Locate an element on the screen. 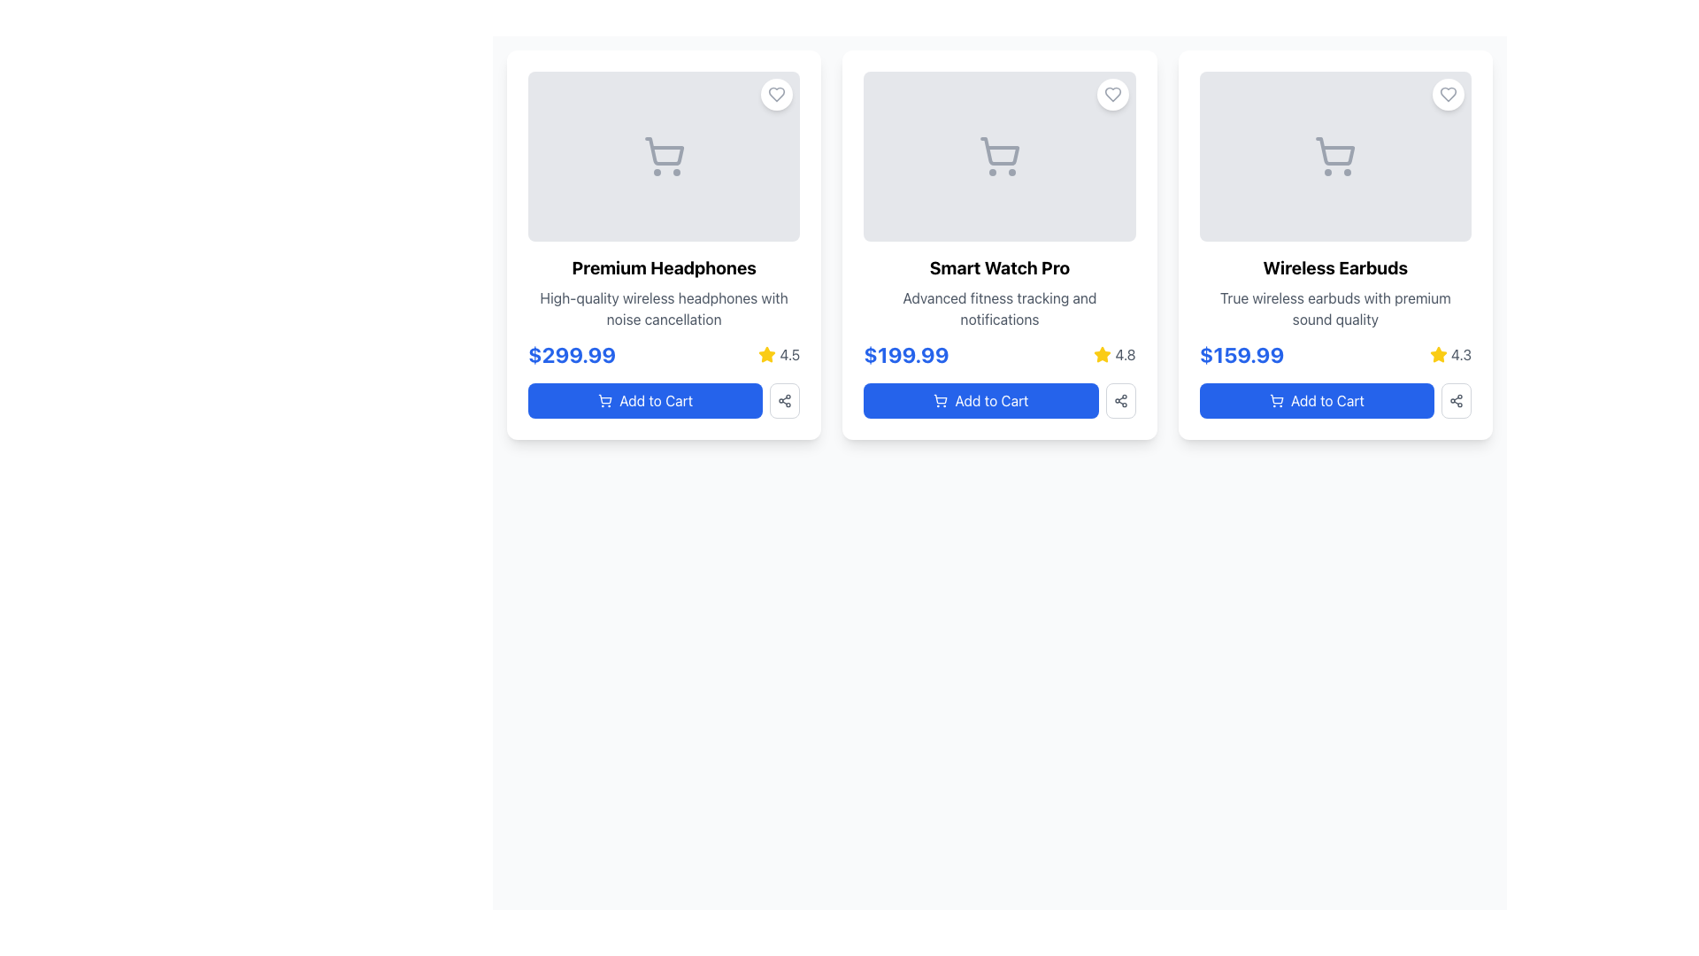 This screenshot has width=1699, height=956. the rectangular button with rounded edges that has a blue background and white text reading 'Add to Cart', located in the lower section of a product card is located at coordinates (1335, 400).